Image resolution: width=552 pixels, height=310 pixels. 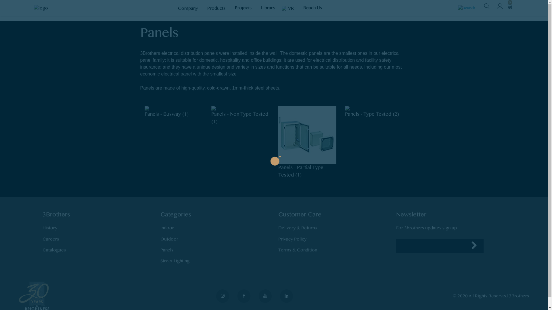 What do you see at coordinates (160, 228) in the screenshot?
I see `'Indoor'` at bounding box center [160, 228].